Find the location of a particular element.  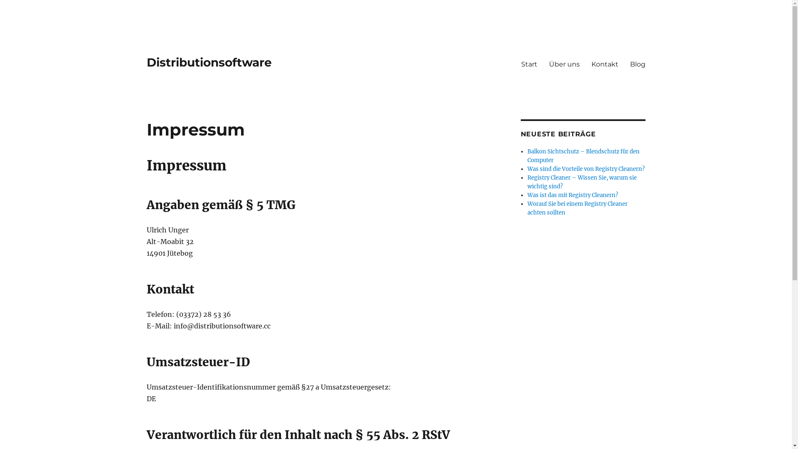

'Kontakt' is located at coordinates (604, 64).